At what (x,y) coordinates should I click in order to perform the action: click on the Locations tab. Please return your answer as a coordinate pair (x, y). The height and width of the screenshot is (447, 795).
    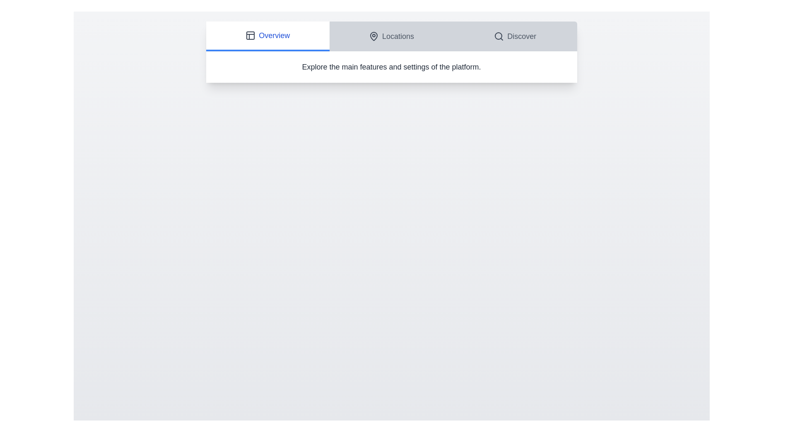
    Looking at the image, I should click on (391, 36).